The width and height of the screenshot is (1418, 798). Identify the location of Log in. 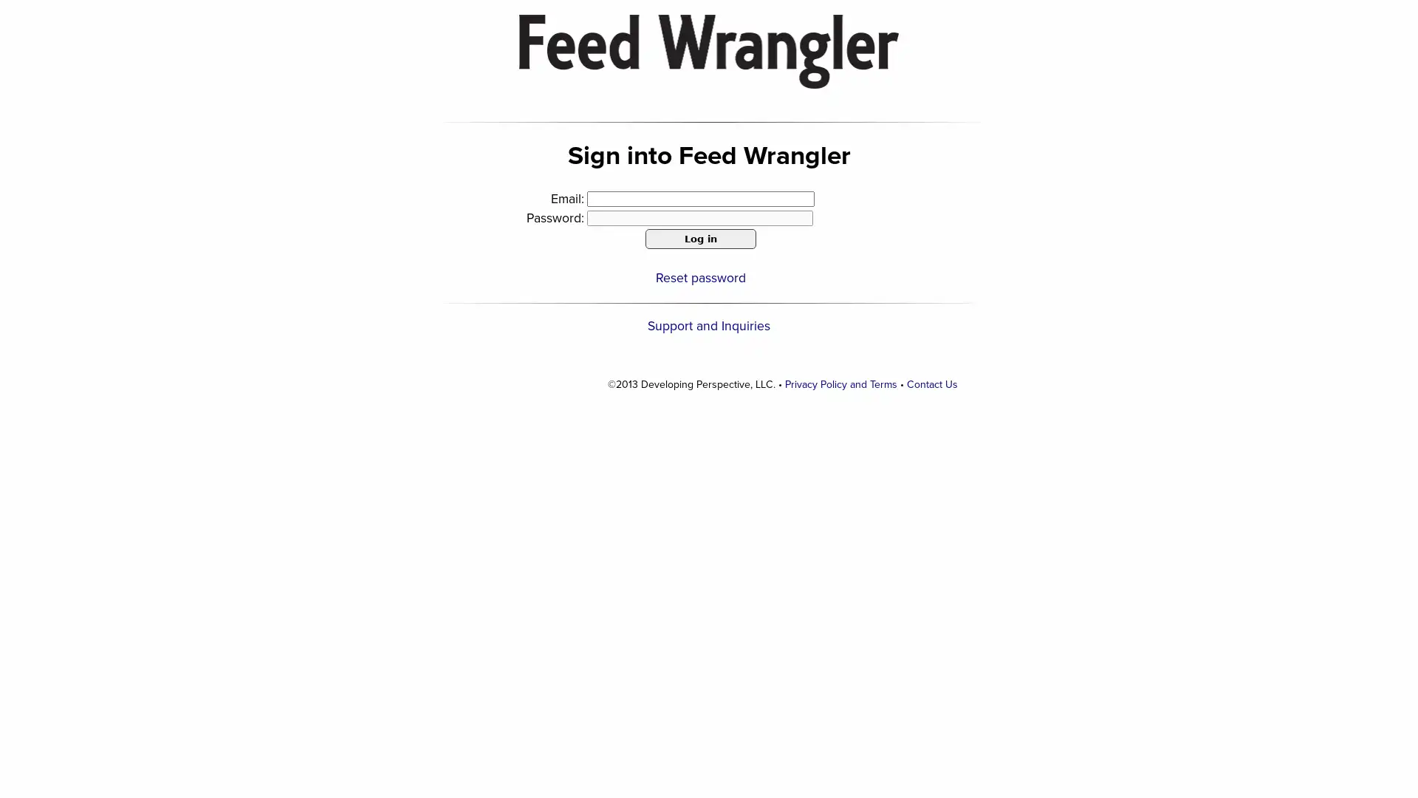
(700, 238).